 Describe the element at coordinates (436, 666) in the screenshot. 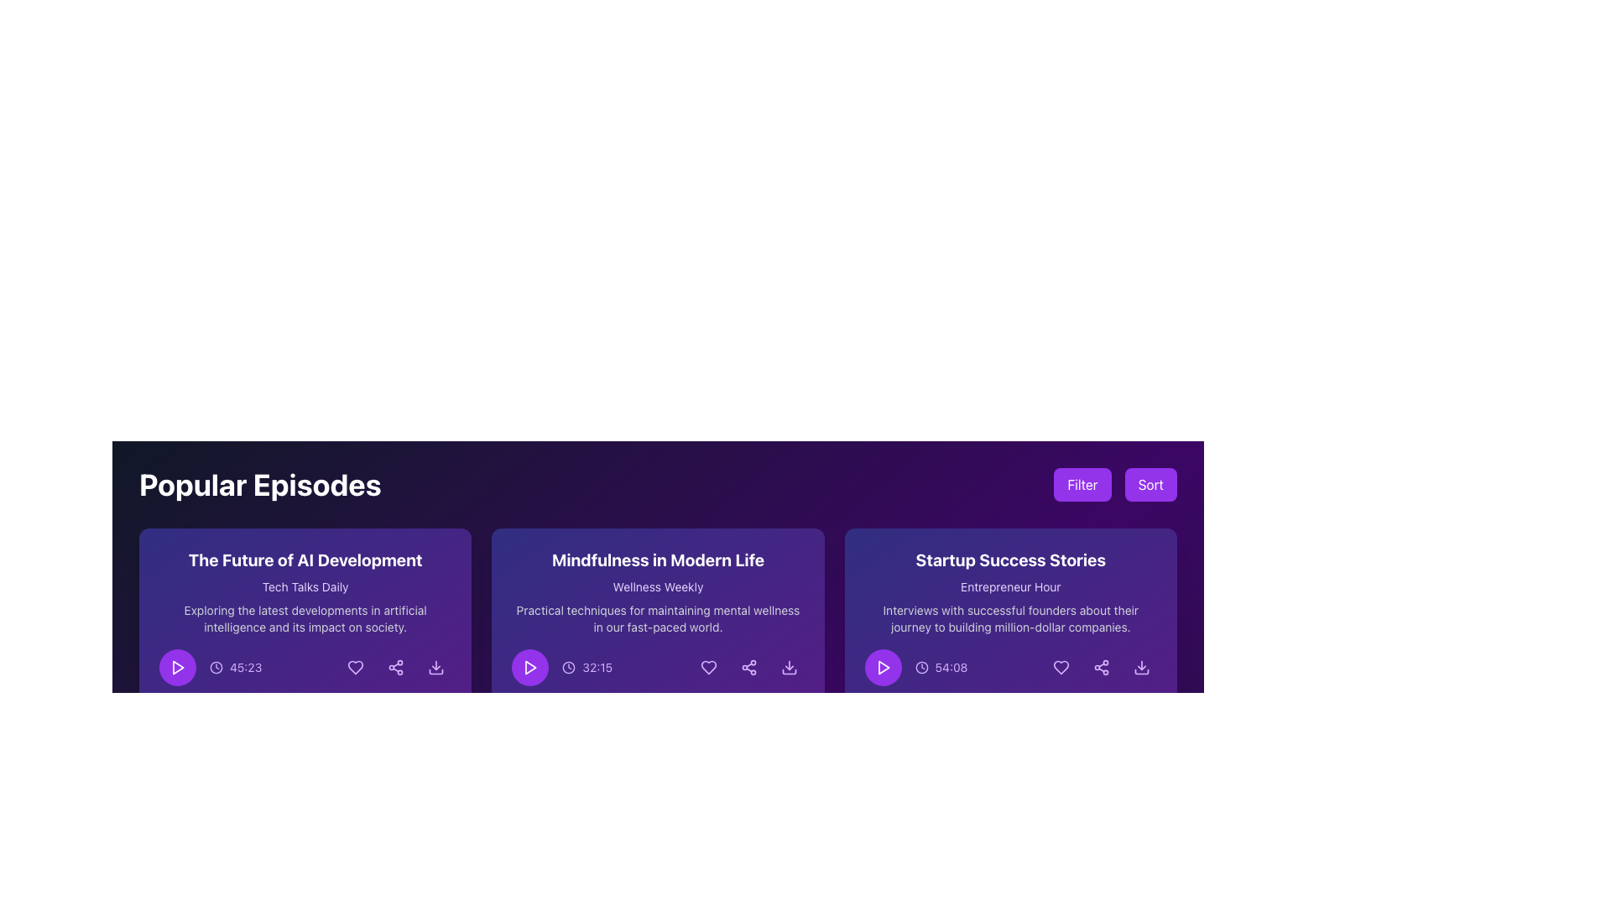

I see `the download icon button located in the bottom-right corner of the interactive card labeled 'The Future of AI Development' to initiate a download` at that location.